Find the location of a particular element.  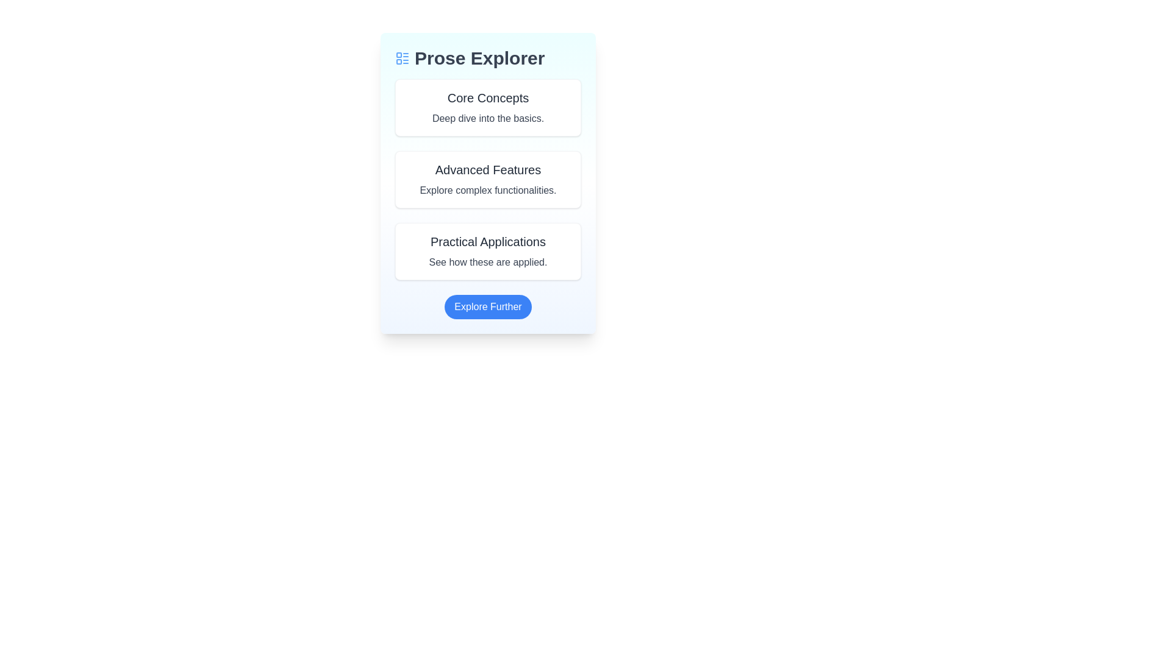

the static text displaying 'Explore complex functionalities.' which is positioned below the heading 'Advanced Features' is located at coordinates (488, 190).